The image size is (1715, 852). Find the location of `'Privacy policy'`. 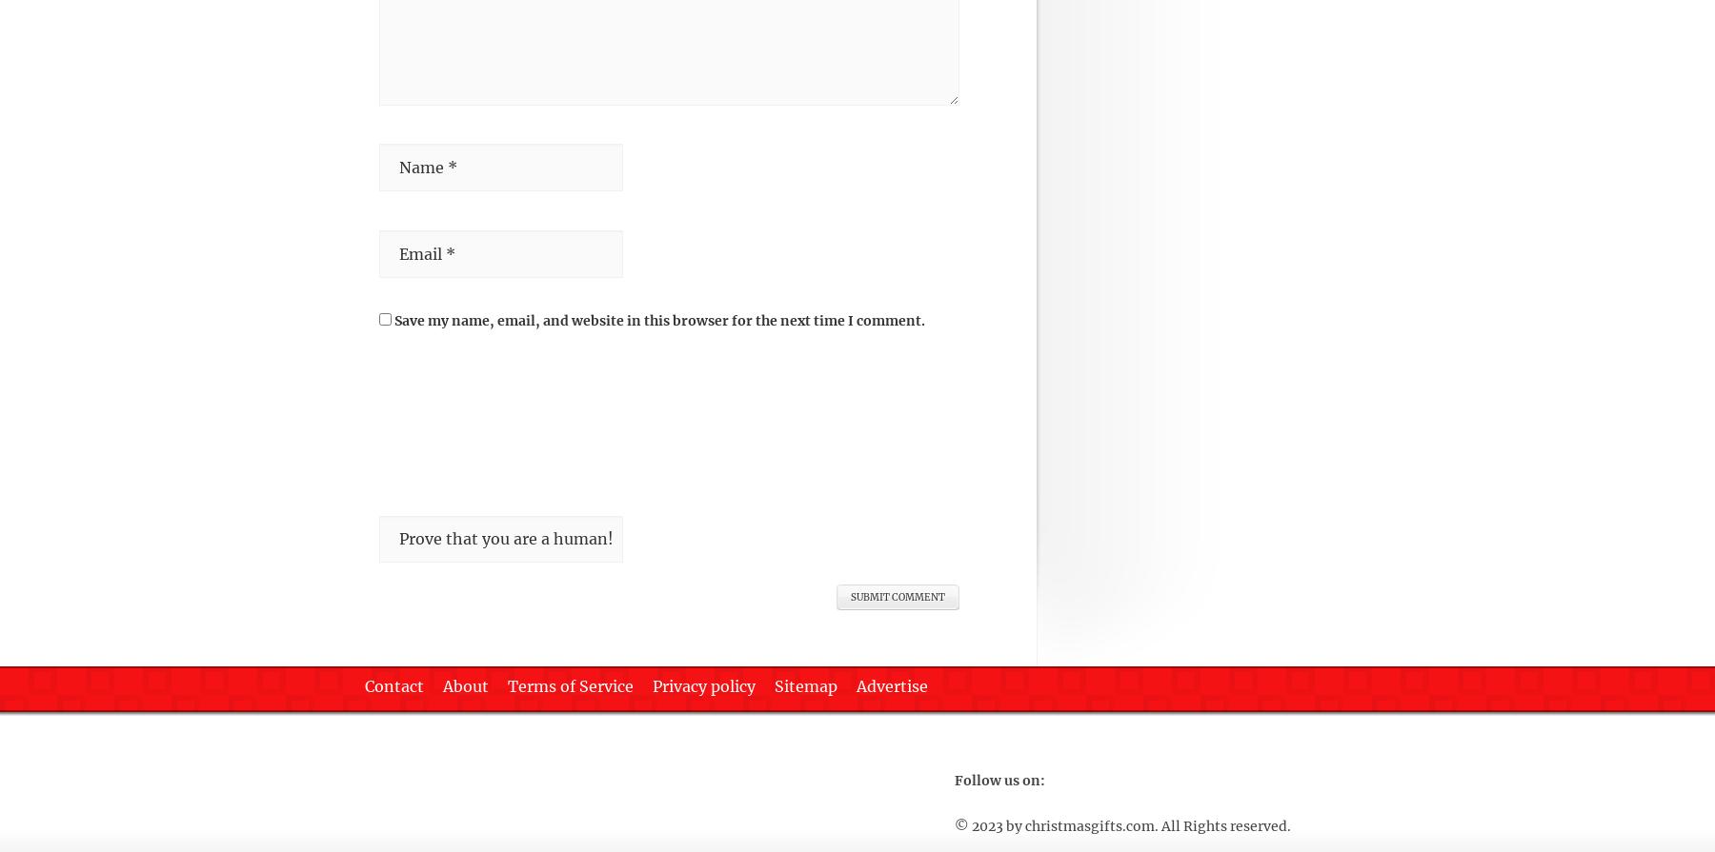

'Privacy policy' is located at coordinates (652, 684).